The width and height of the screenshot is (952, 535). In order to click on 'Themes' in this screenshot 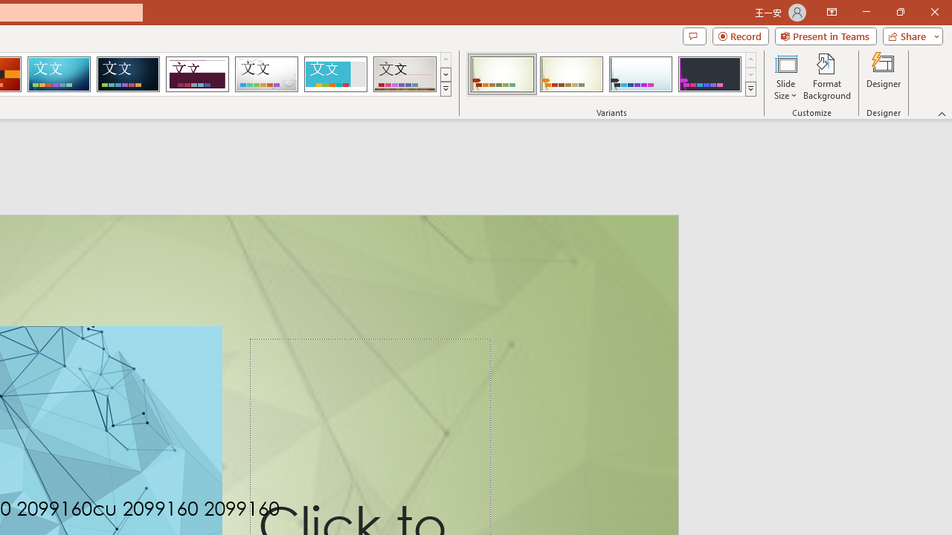, I will do `click(445, 89)`.